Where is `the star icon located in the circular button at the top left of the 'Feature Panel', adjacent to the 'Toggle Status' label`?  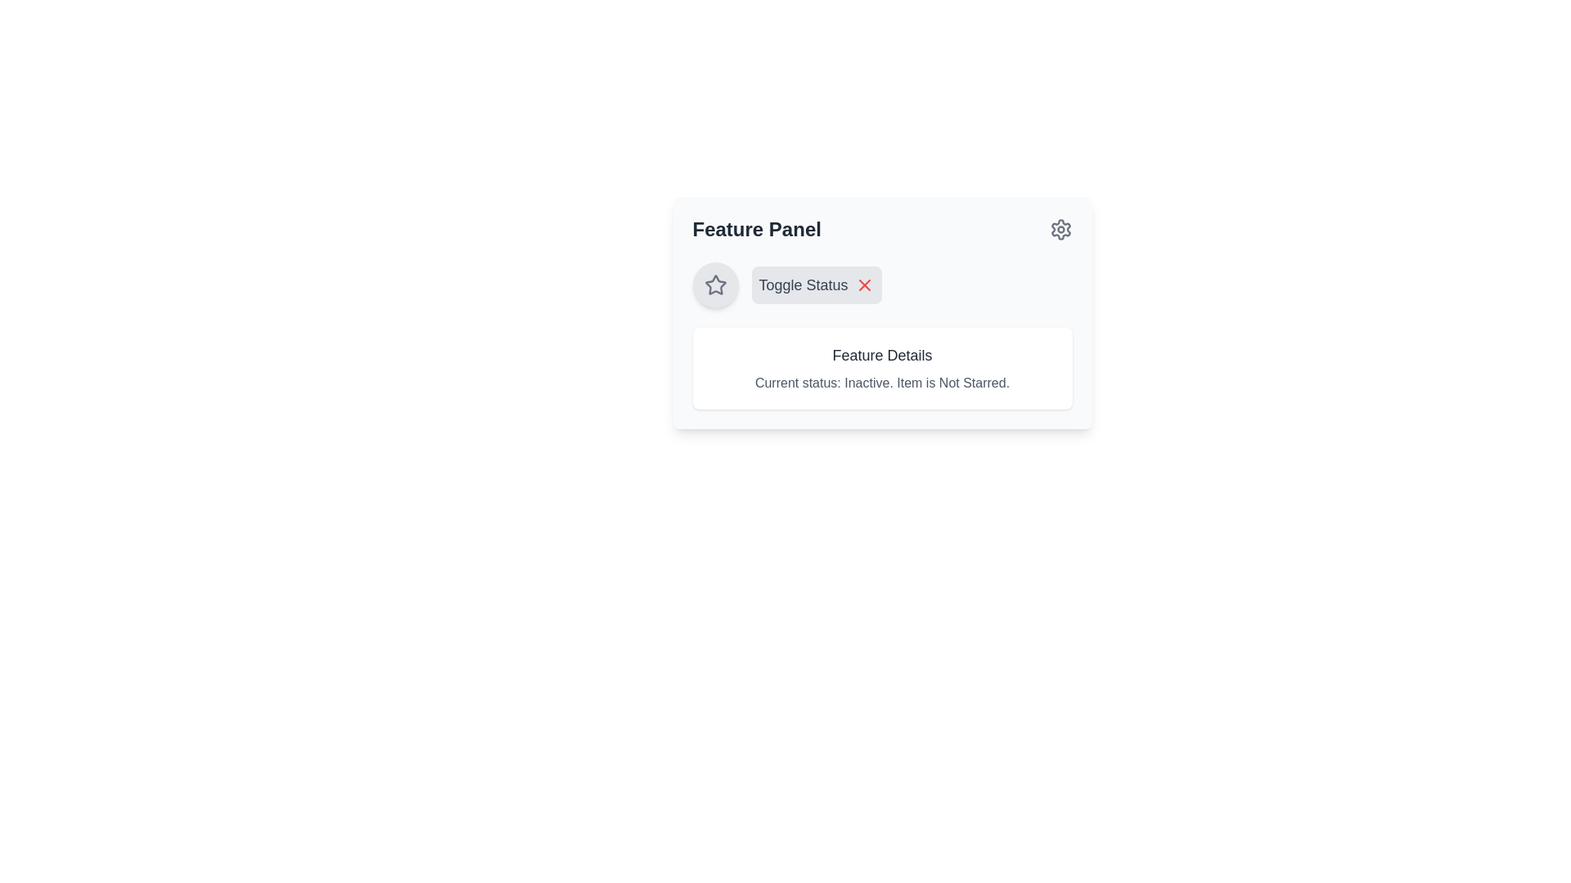
the star icon located in the circular button at the top left of the 'Feature Panel', adjacent to the 'Toggle Status' label is located at coordinates (715, 284).